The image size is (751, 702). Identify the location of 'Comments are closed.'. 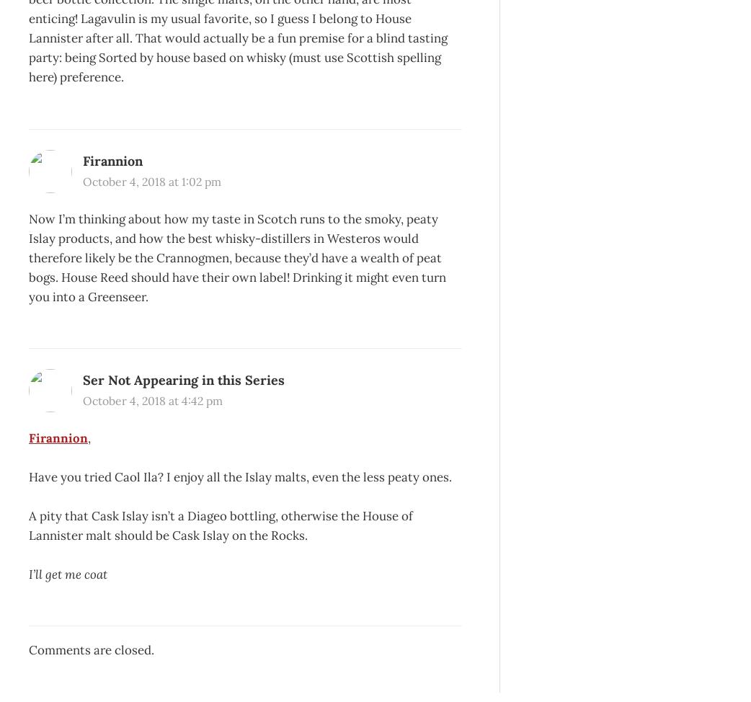
(92, 649).